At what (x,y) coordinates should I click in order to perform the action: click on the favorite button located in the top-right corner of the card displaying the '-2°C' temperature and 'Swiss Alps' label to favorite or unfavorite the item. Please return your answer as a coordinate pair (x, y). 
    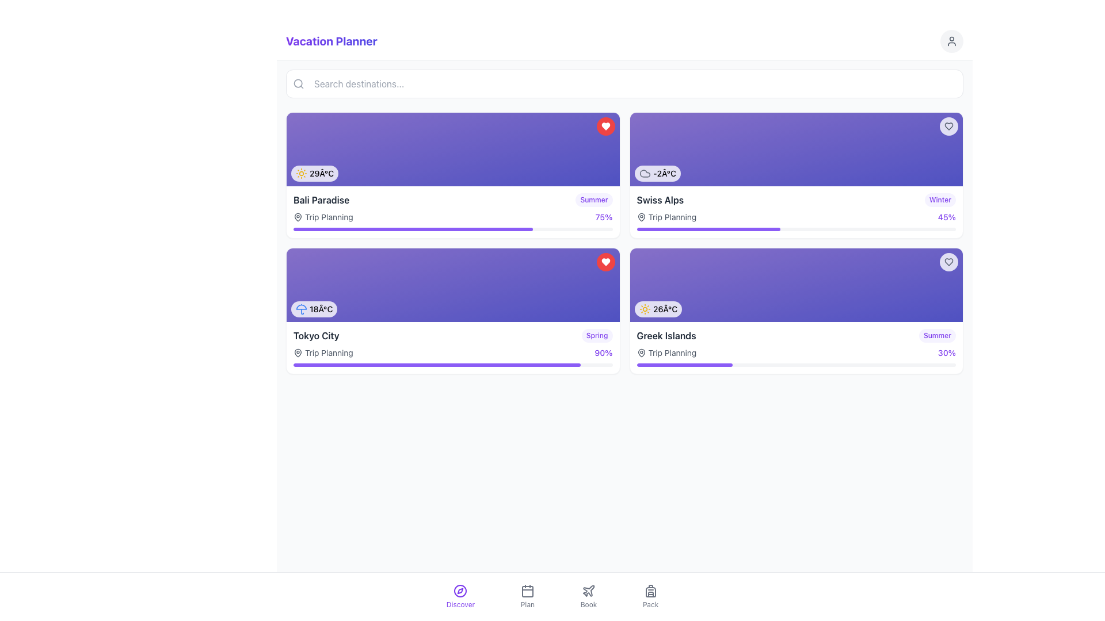
    Looking at the image, I should click on (949, 126).